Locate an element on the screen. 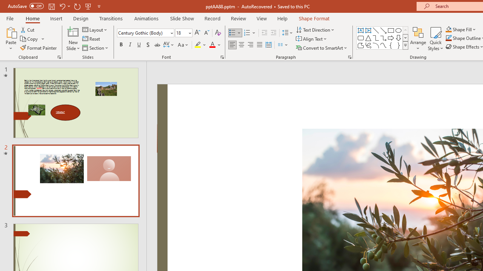 The height and width of the screenshot is (271, 483). 'Bold' is located at coordinates (121, 45).